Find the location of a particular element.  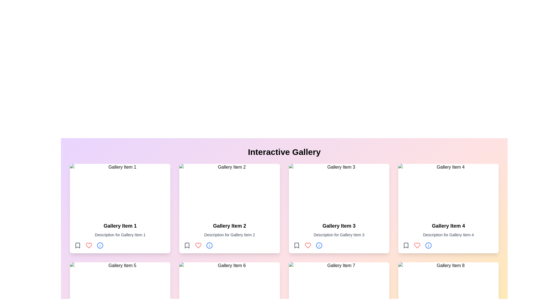

text displayed as 'Gallery Item 1', which is a bold and large font title located in the top-left corner of the first gallery card, beneath the image and above the description text is located at coordinates (120, 225).